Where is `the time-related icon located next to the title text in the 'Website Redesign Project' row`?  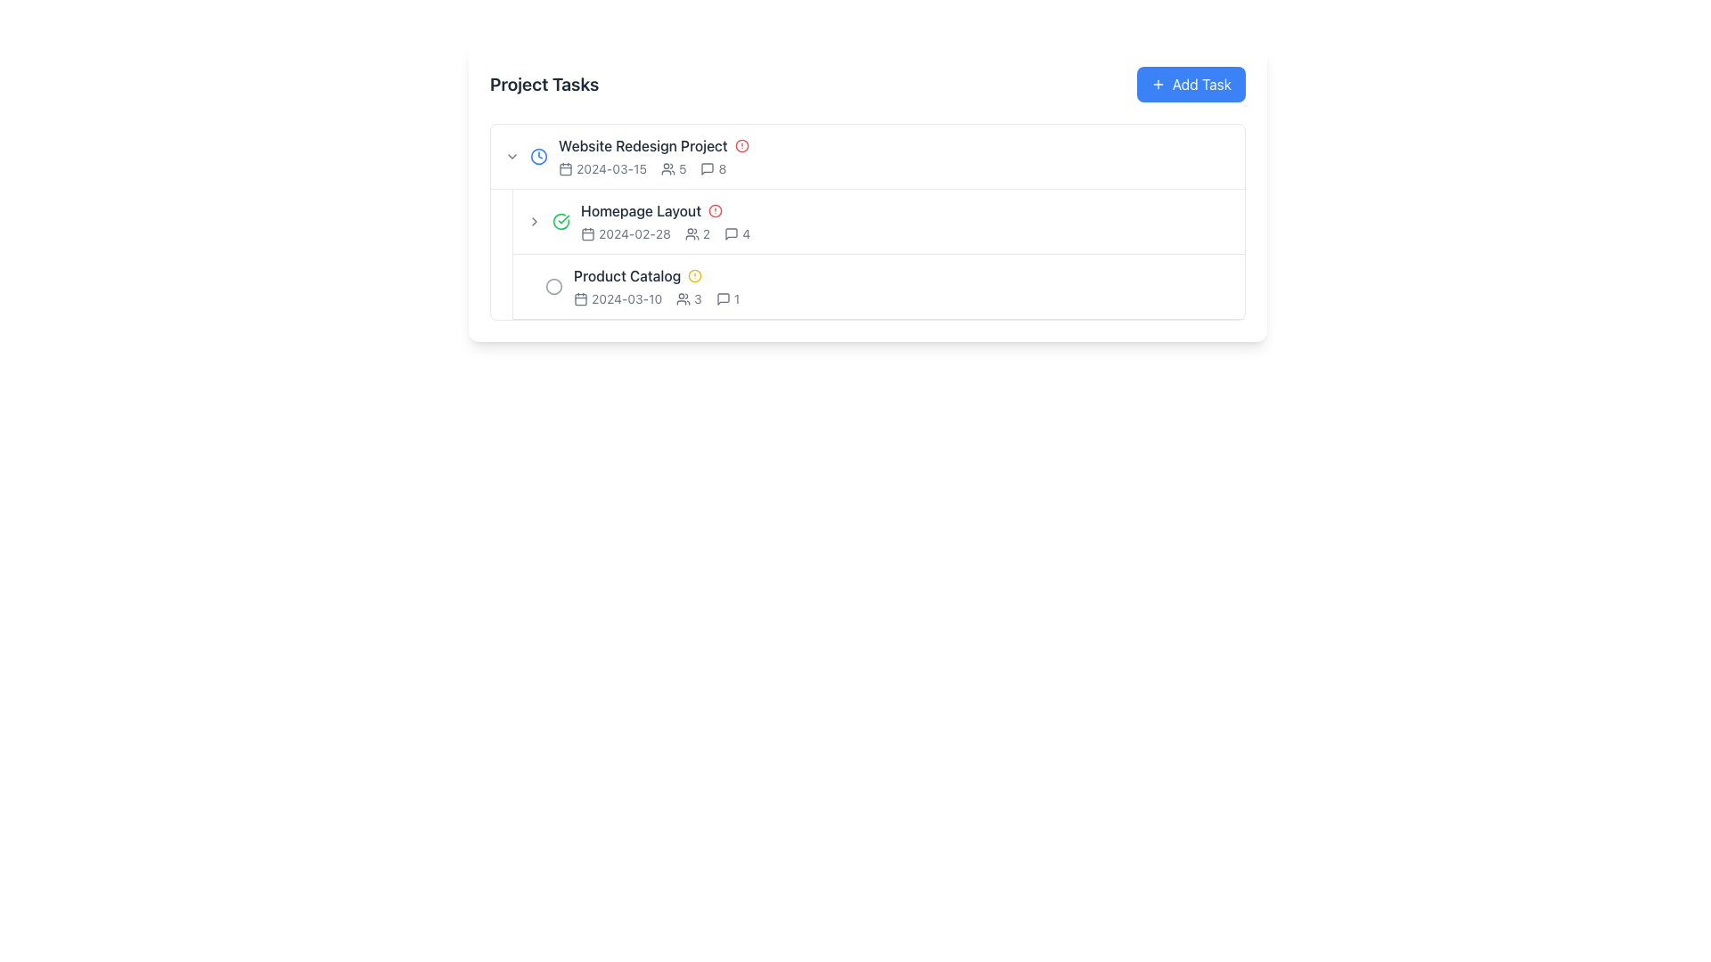 the time-related icon located next to the title text in the 'Website Redesign Project' row is located at coordinates (537, 156).